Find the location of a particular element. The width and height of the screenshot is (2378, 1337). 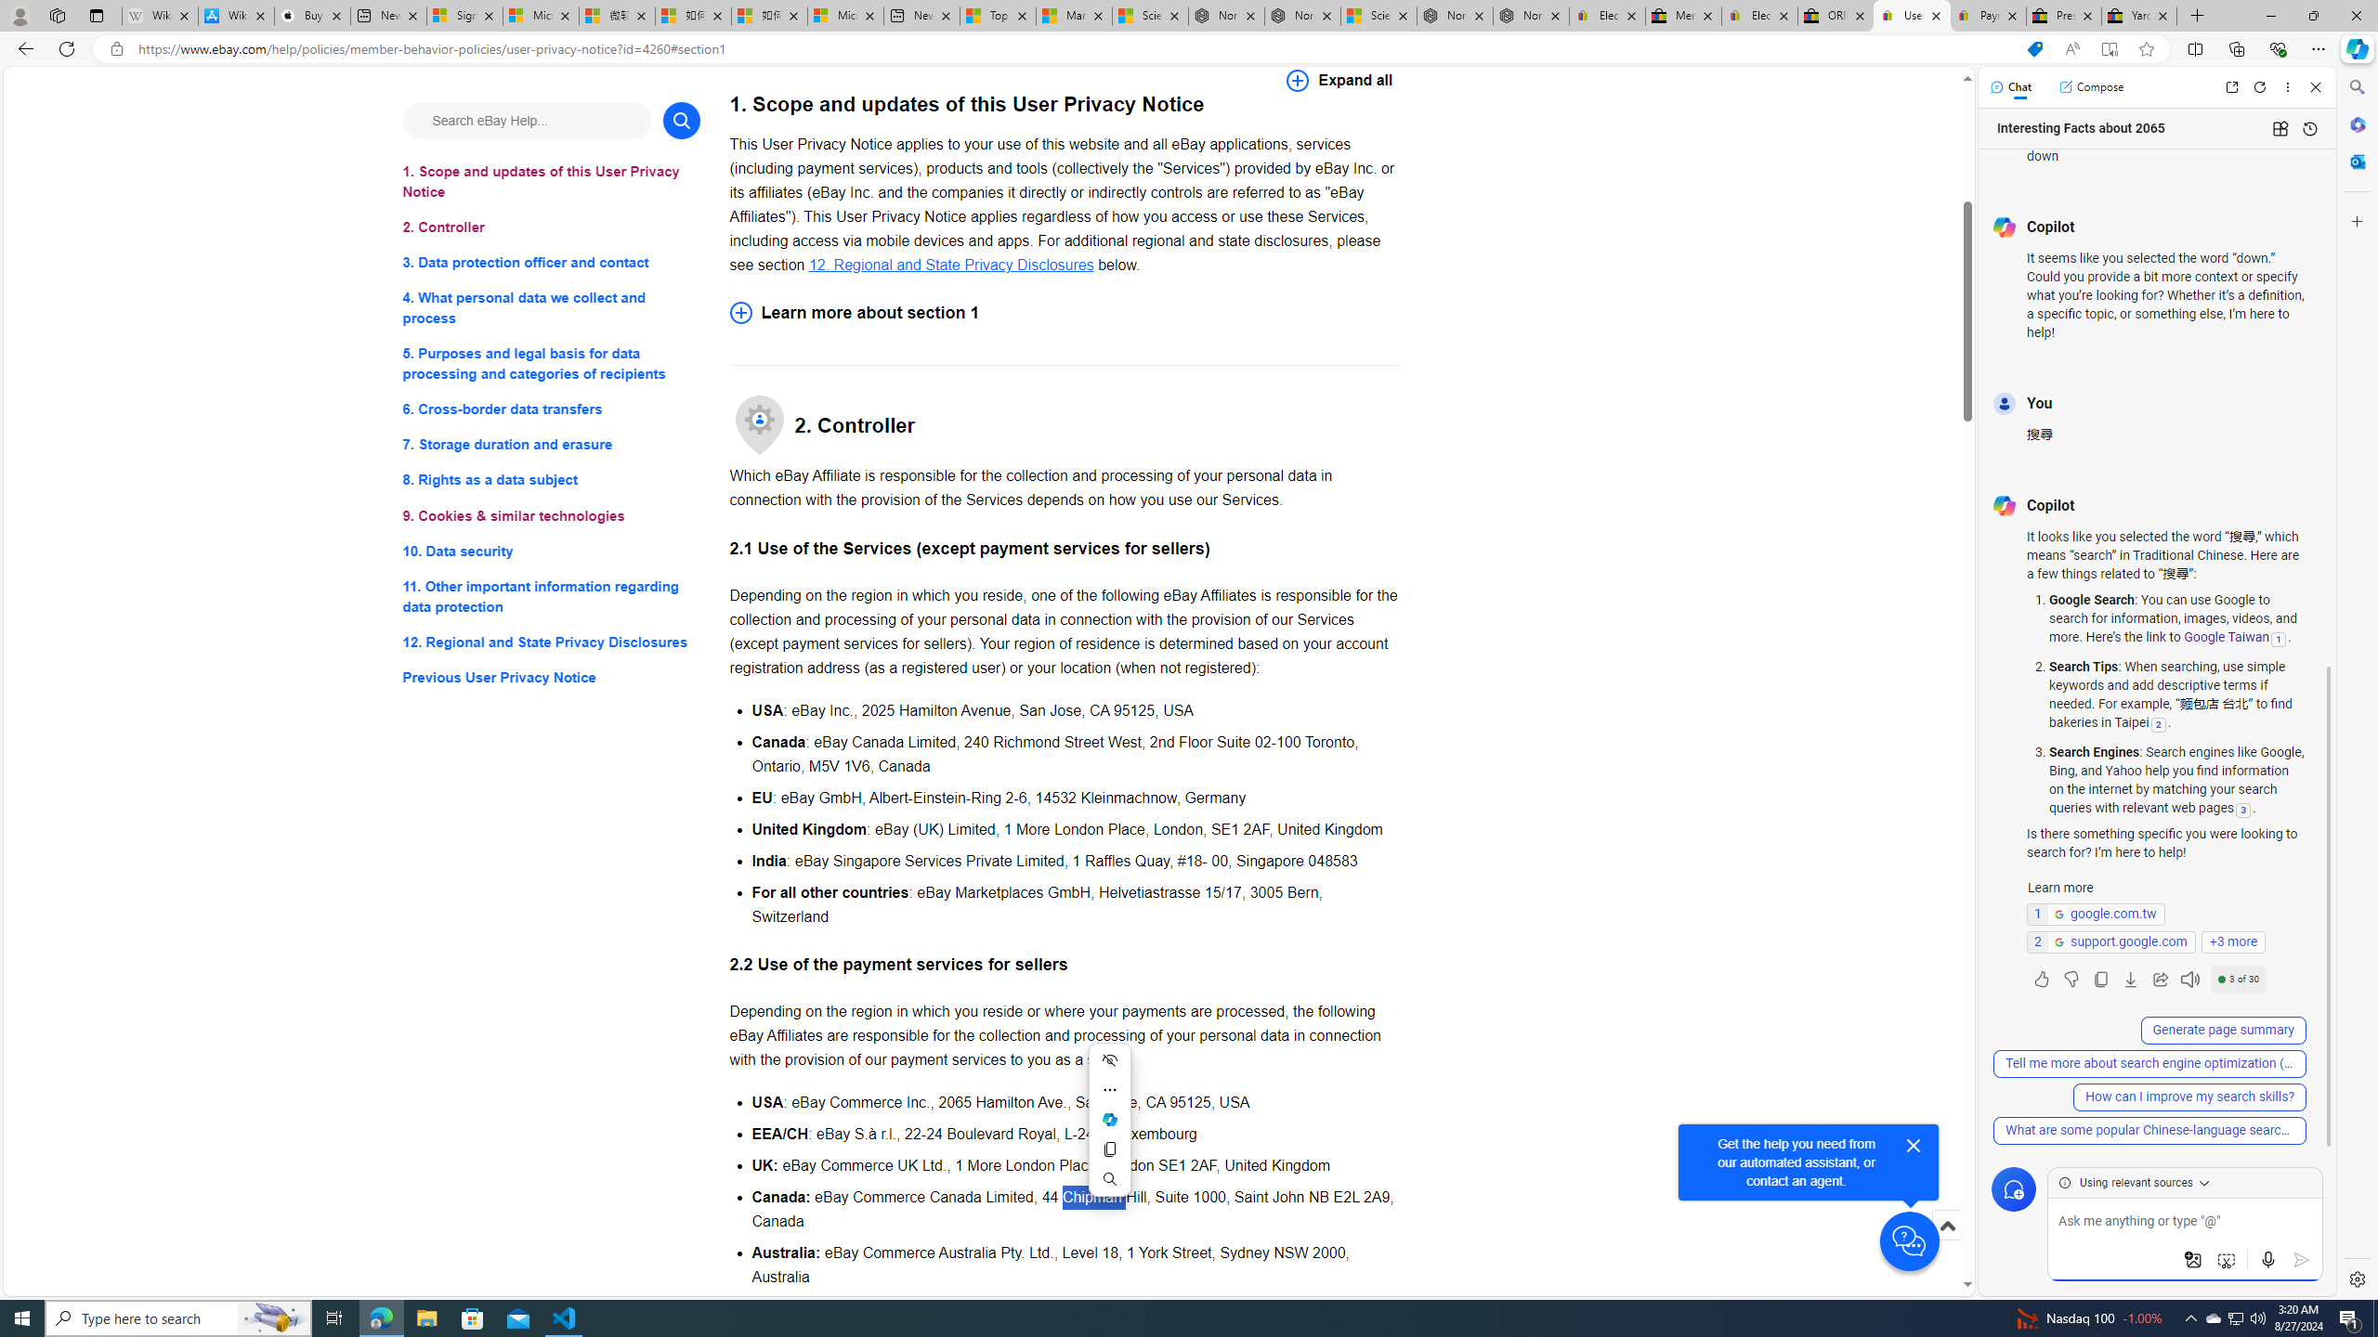

'3. Data protection officer and contact' is located at coordinates (550, 263).